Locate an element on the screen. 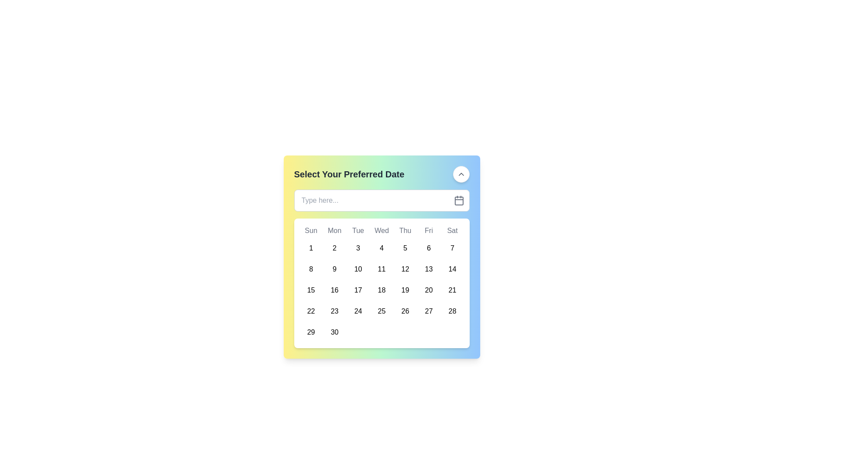  the button representing the 24th day of the month in the calendar UI, located in the fifth row and fourth column under the header 'Tue' is located at coordinates (358, 311).